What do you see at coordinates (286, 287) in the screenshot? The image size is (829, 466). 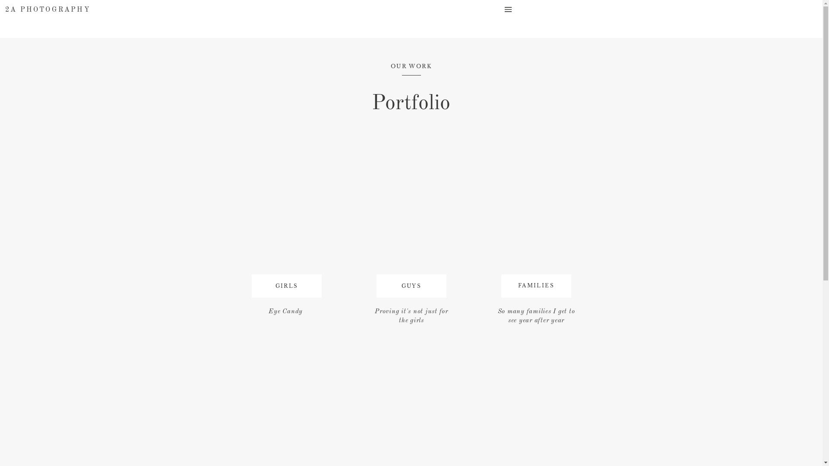 I see `'GIRLS'` at bounding box center [286, 287].